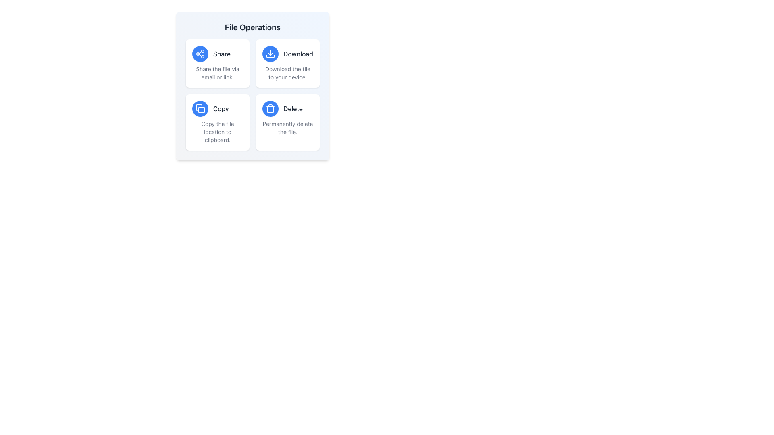 The height and width of the screenshot is (435, 774). Describe the element at coordinates (270, 54) in the screenshot. I see `the download icon located at the top-right of the 'Download' option in the 'File Operations' panel to initiate the download` at that location.